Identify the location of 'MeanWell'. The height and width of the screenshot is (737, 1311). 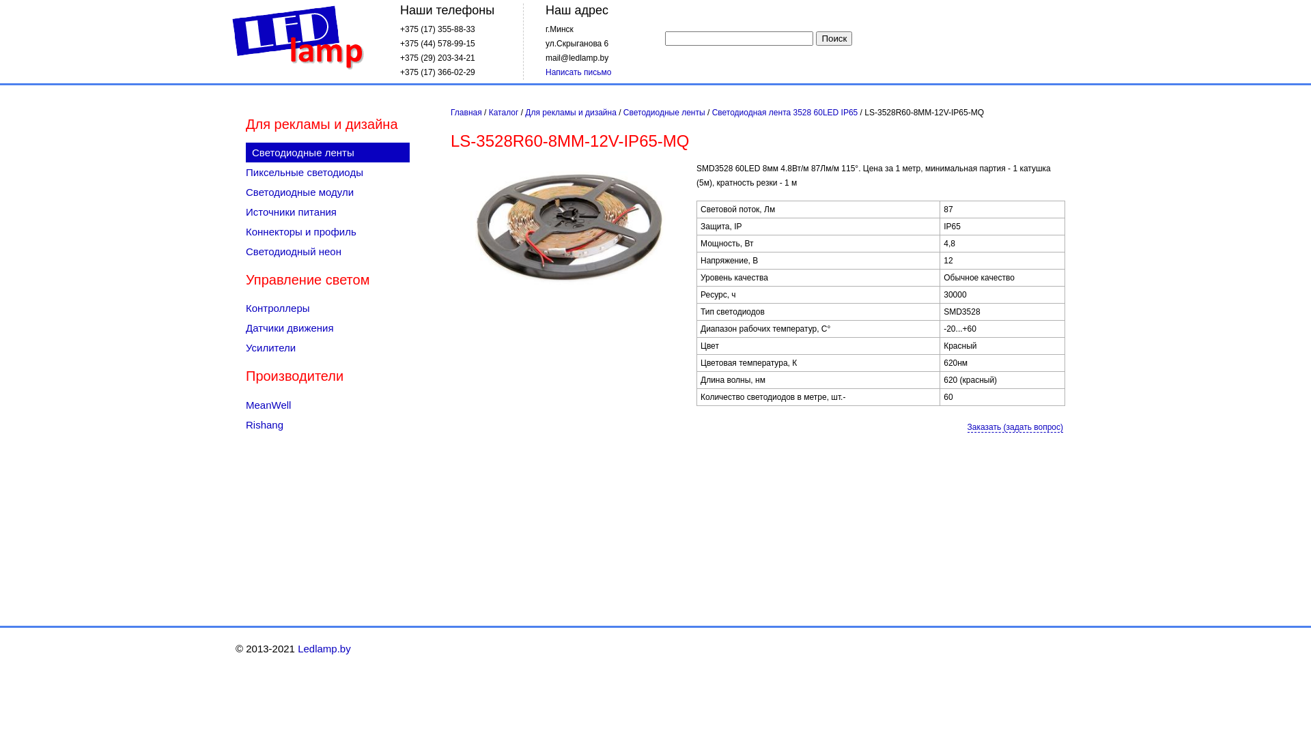
(328, 404).